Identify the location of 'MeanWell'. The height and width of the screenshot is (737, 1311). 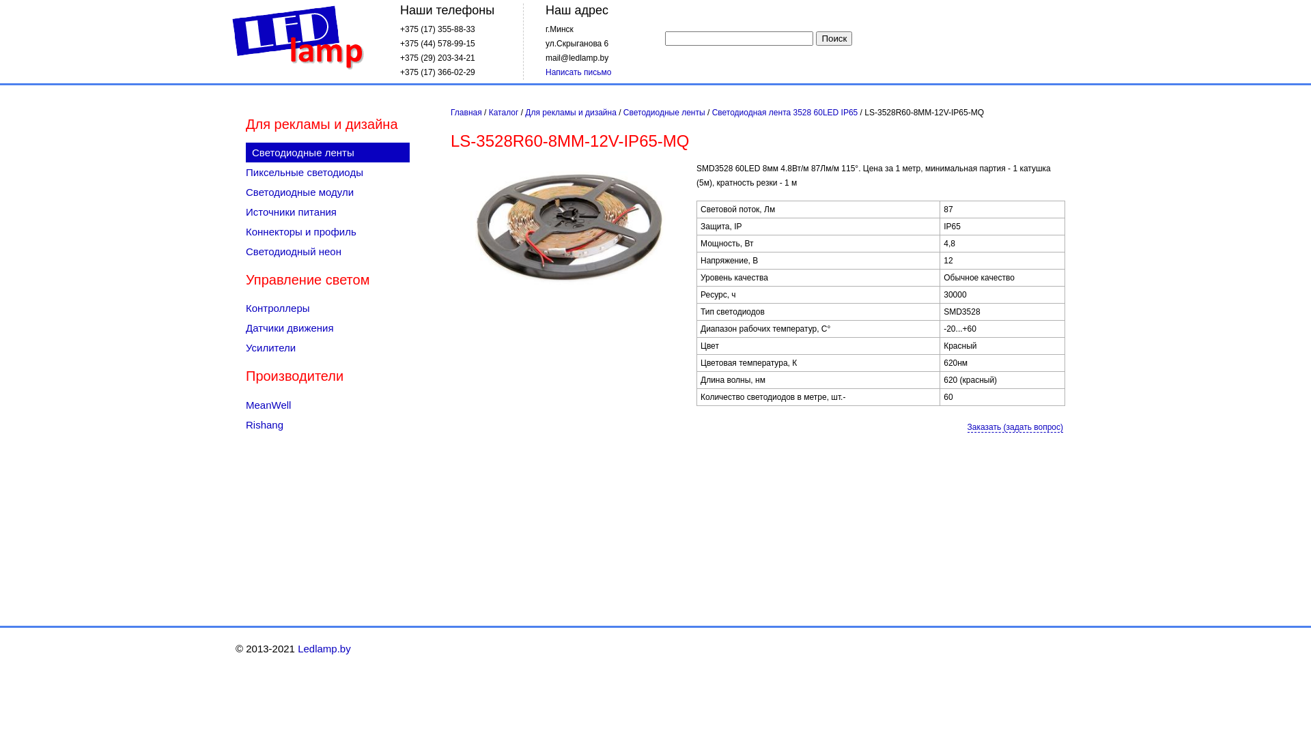
(328, 404).